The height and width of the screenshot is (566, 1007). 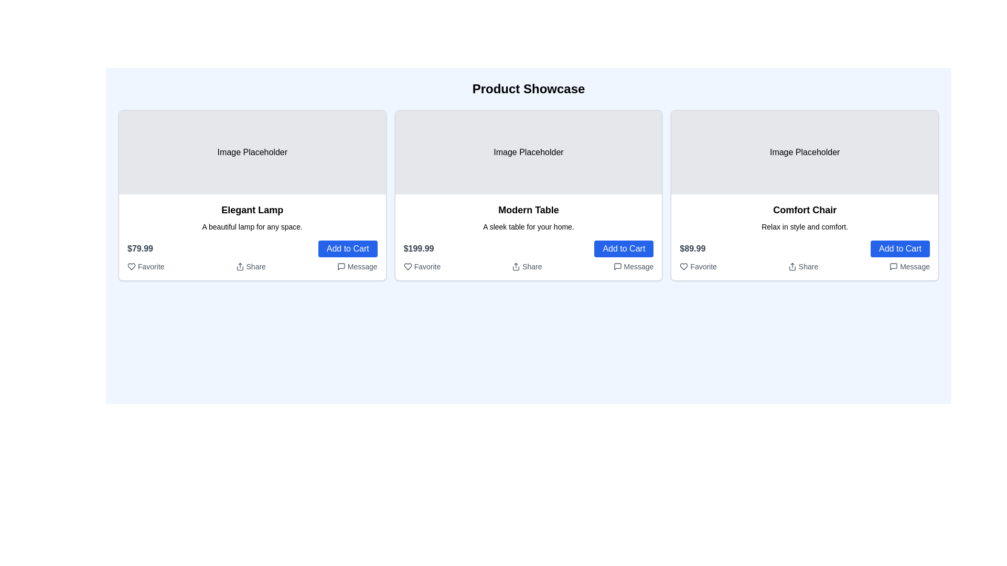 What do you see at coordinates (526, 266) in the screenshot?
I see `the 'Share' button, which features a share icon followed by the text 'Share', located under the product card for 'Modern Table'. This button is the second option in a horizontal group of interactive options` at bounding box center [526, 266].